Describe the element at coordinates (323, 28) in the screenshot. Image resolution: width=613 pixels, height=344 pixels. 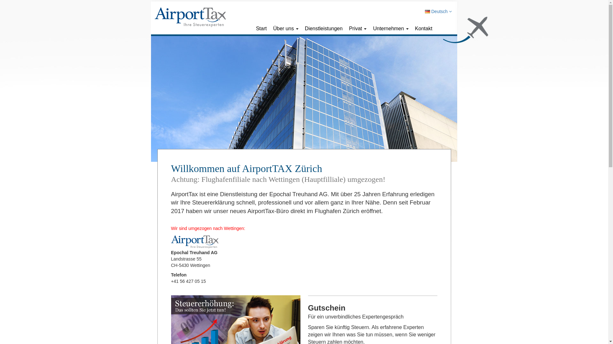
I see `'Dienstleistungen'` at that location.